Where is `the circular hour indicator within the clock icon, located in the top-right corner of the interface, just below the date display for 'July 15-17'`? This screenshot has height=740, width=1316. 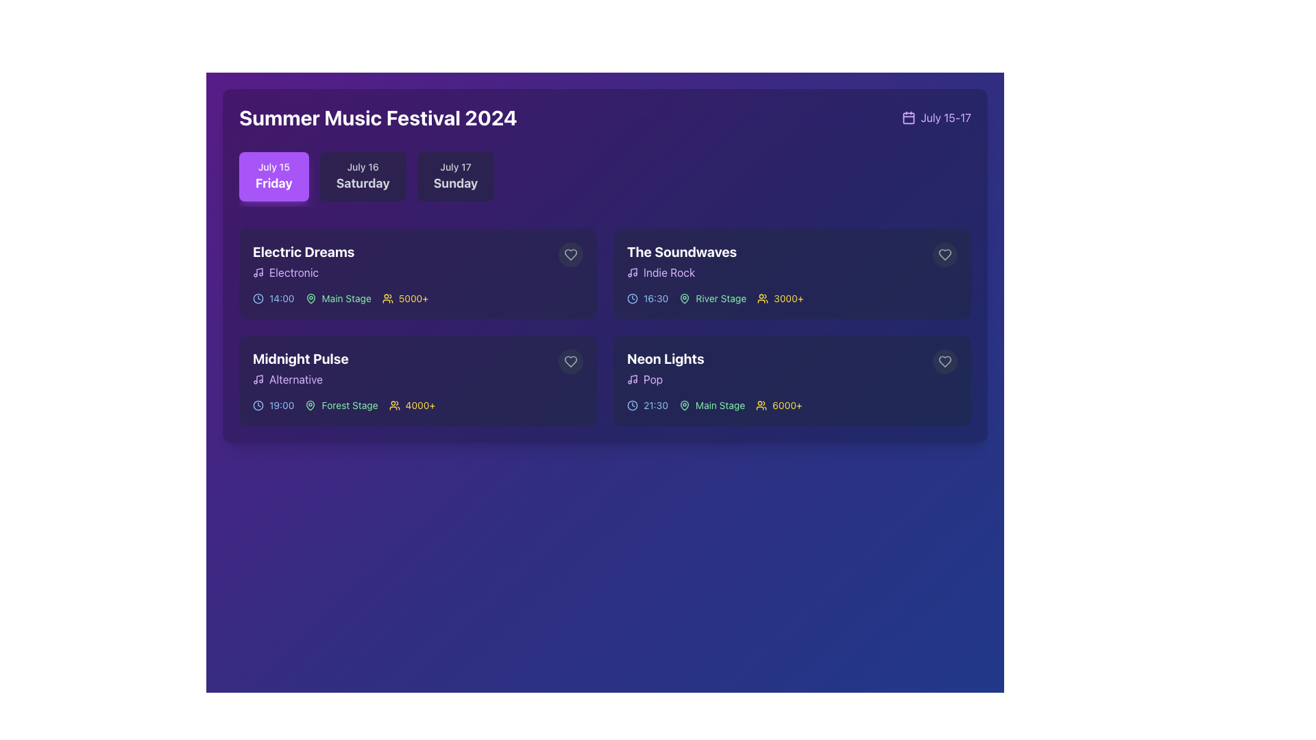
the circular hour indicator within the clock icon, located in the top-right corner of the interface, just below the date display for 'July 15-17' is located at coordinates (258, 297).